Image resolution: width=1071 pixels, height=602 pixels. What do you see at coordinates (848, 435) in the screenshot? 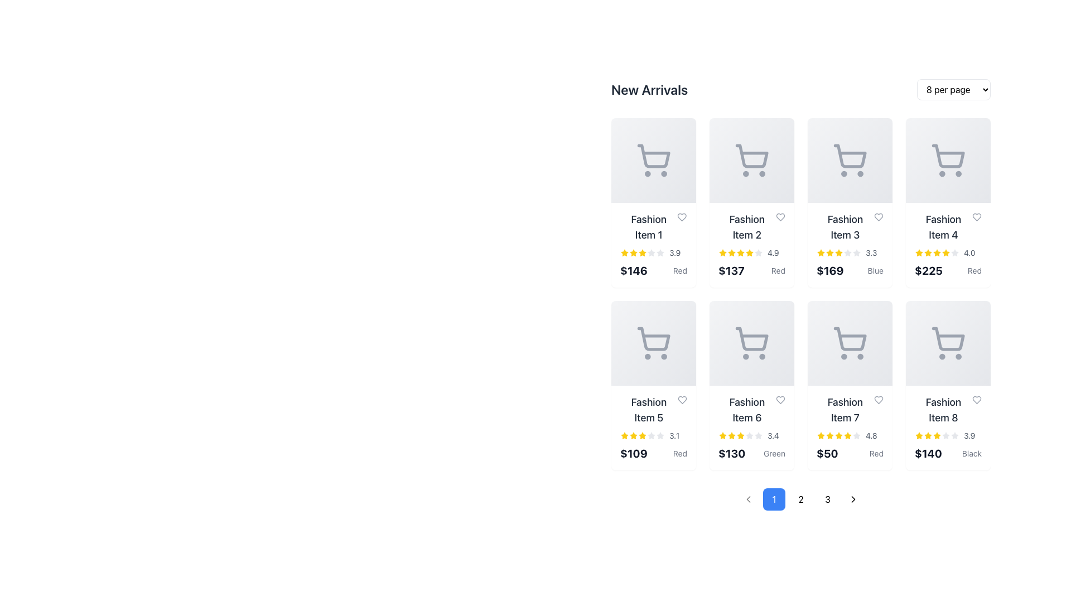
I see `the fourth star icon in the rating system for the product labeled 'Fashion Item 7', which is located in the second row, third column of the grid` at bounding box center [848, 435].